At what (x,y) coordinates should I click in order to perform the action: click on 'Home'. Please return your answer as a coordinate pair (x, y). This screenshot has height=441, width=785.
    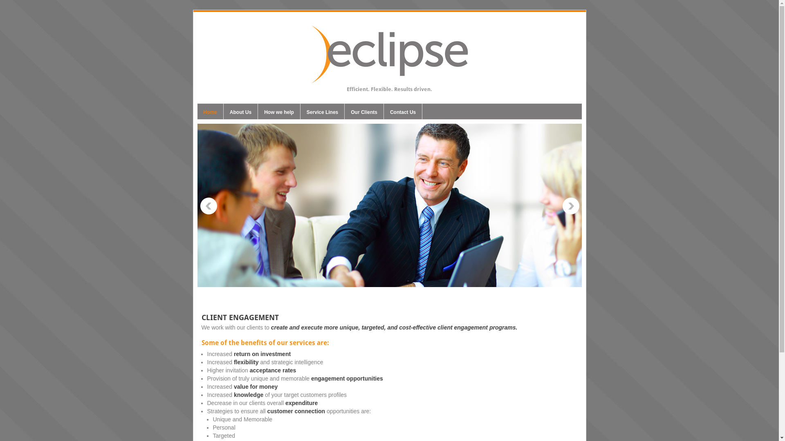
    Looking at the image, I should click on (197, 113).